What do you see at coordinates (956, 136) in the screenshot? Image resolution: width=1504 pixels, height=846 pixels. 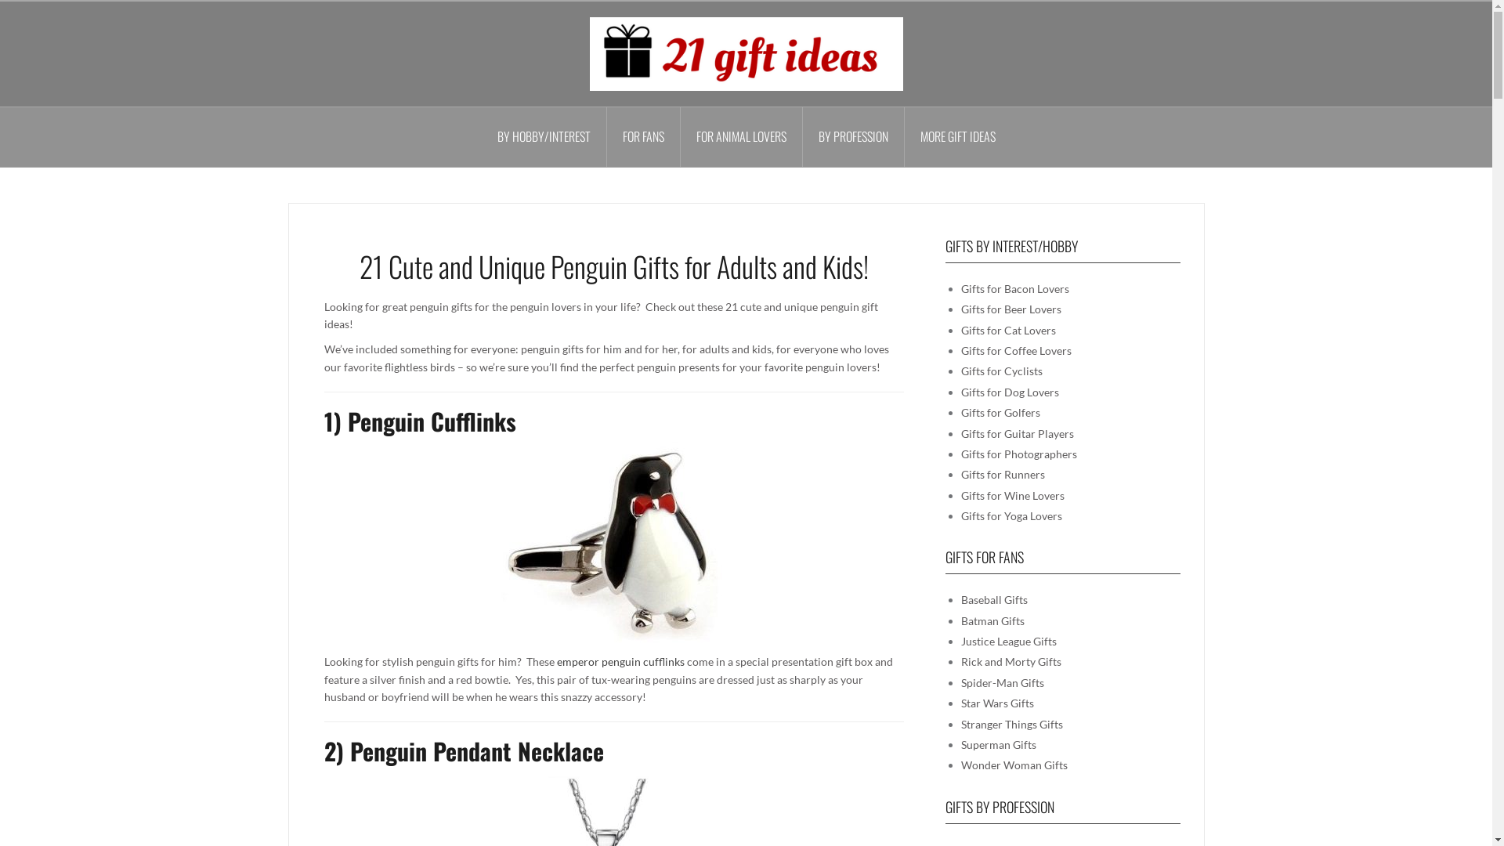 I see `'MORE GIFT IDEAS'` at bounding box center [956, 136].